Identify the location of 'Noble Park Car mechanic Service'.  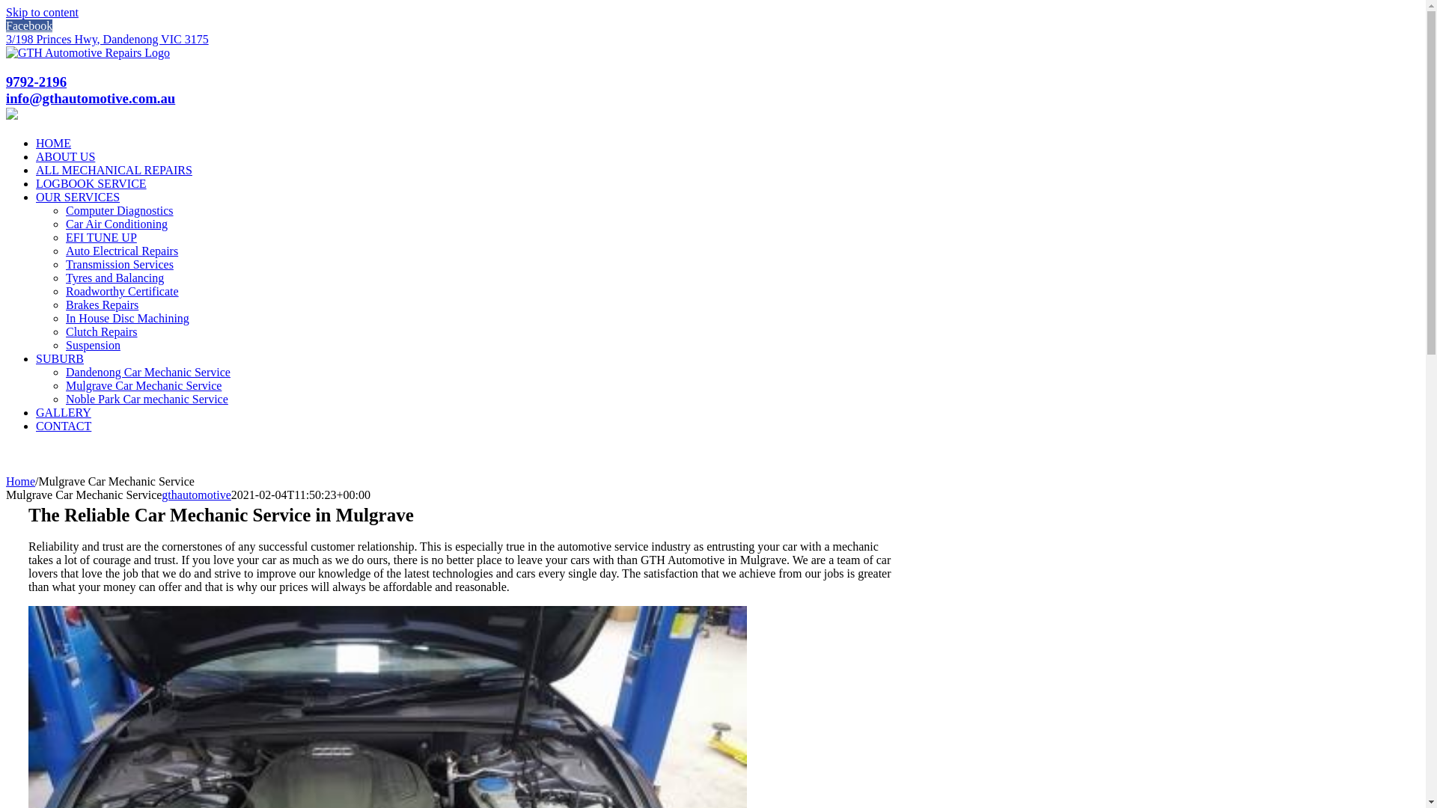
(147, 398).